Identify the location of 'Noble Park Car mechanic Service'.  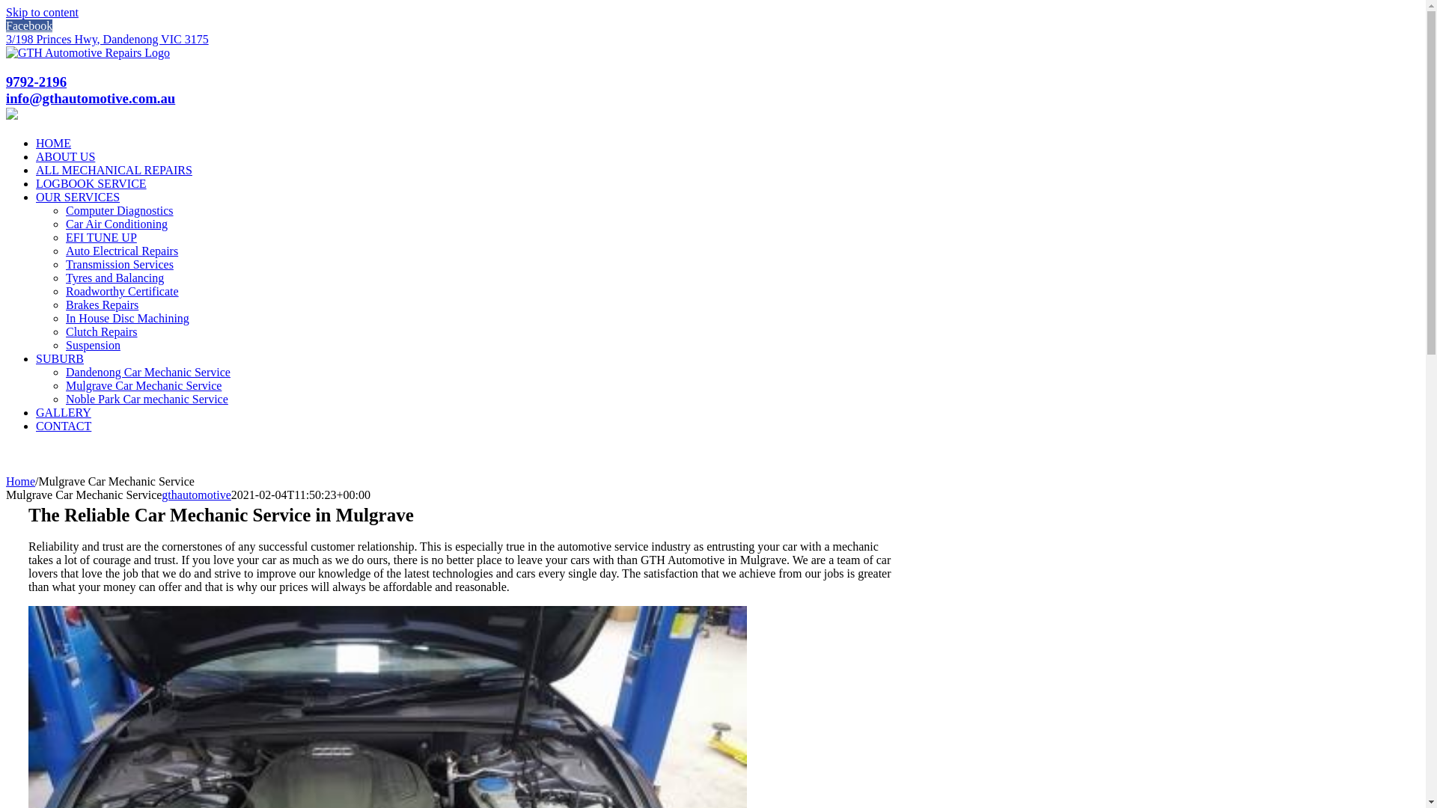
(147, 398).